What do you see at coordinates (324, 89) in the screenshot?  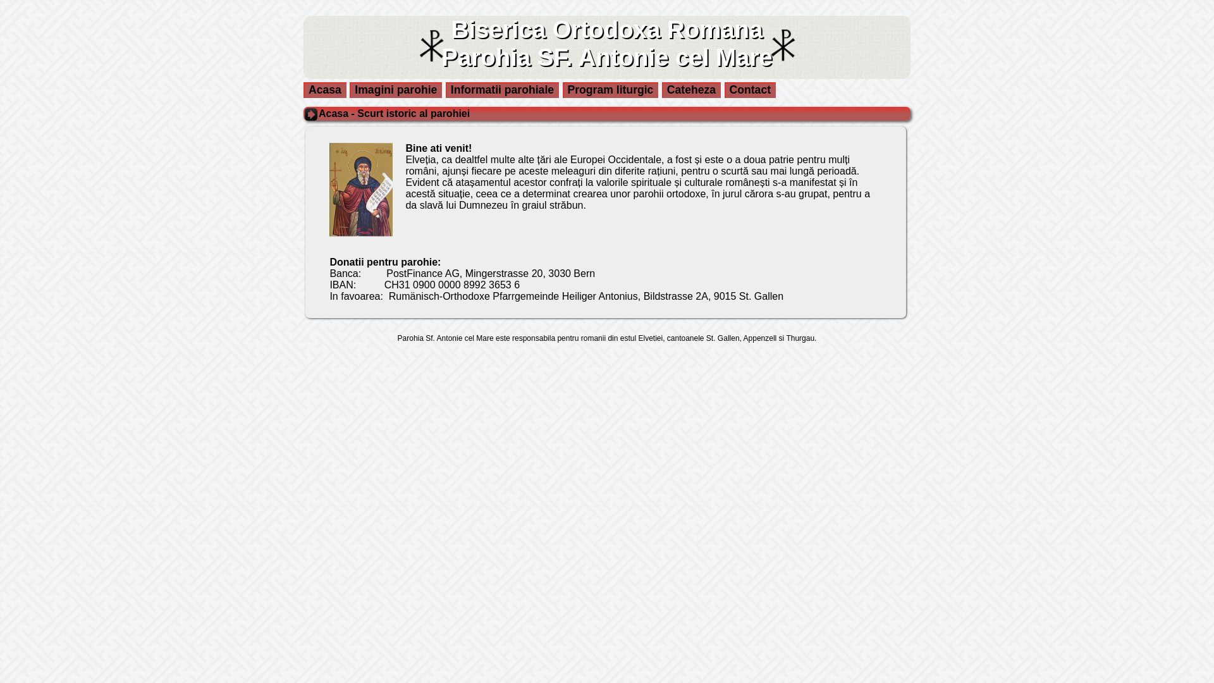 I see `'Acasa'` at bounding box center [324, 89].